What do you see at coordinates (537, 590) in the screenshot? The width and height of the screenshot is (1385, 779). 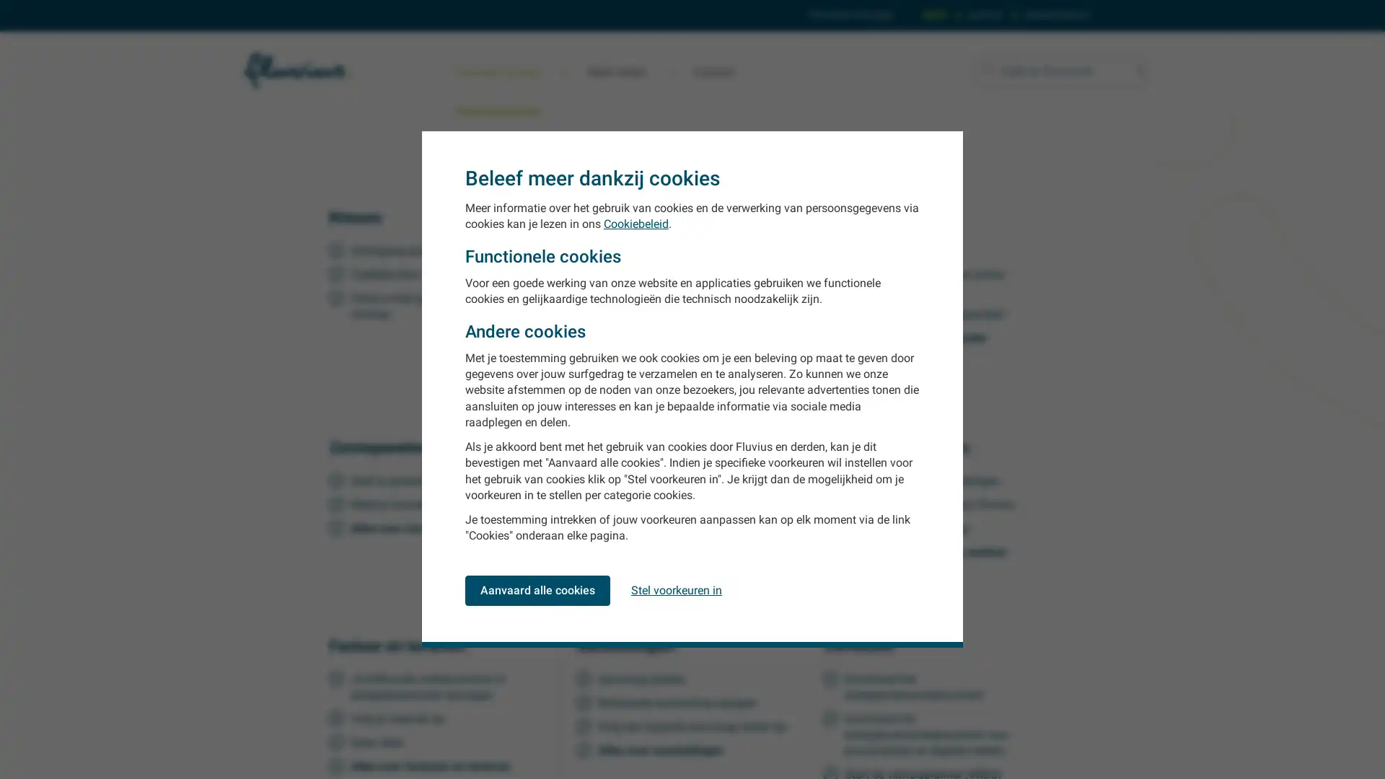 I see `Aanvaard alle cookies` at bounding box center [537, 590].